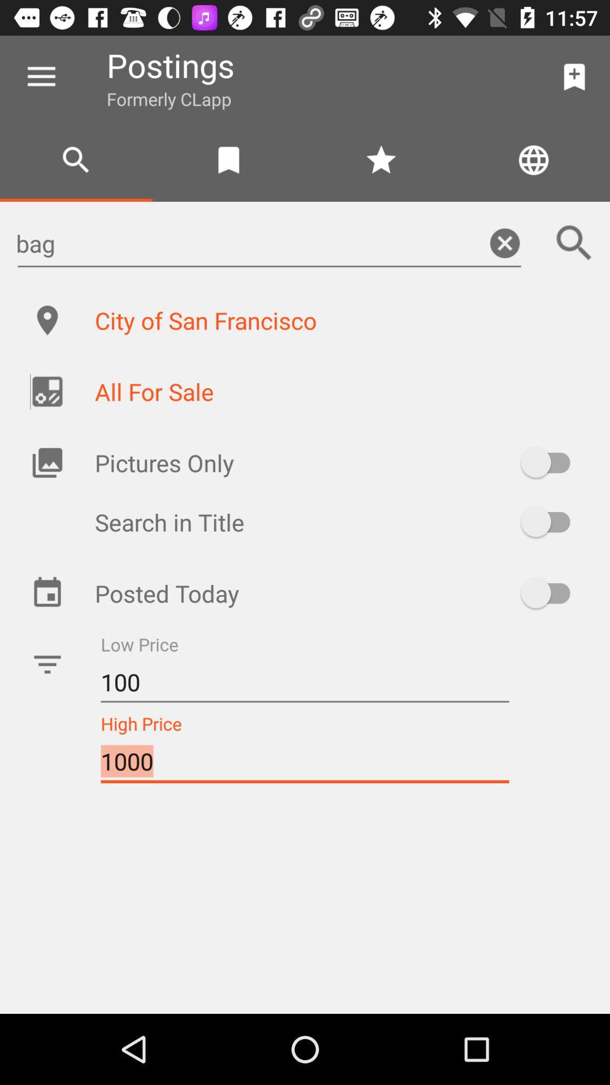  I want to click on the icon next to postings, so click(41, 76).